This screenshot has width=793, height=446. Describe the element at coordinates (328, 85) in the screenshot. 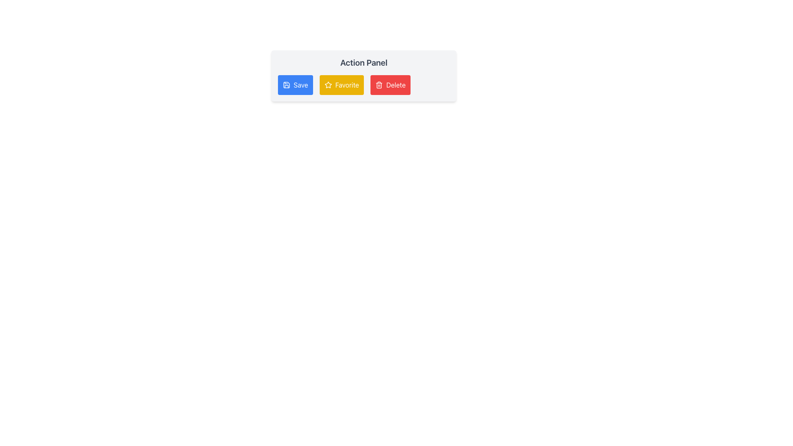

I see `the filled yellow star icon within the 'Favorite' button` at that location.